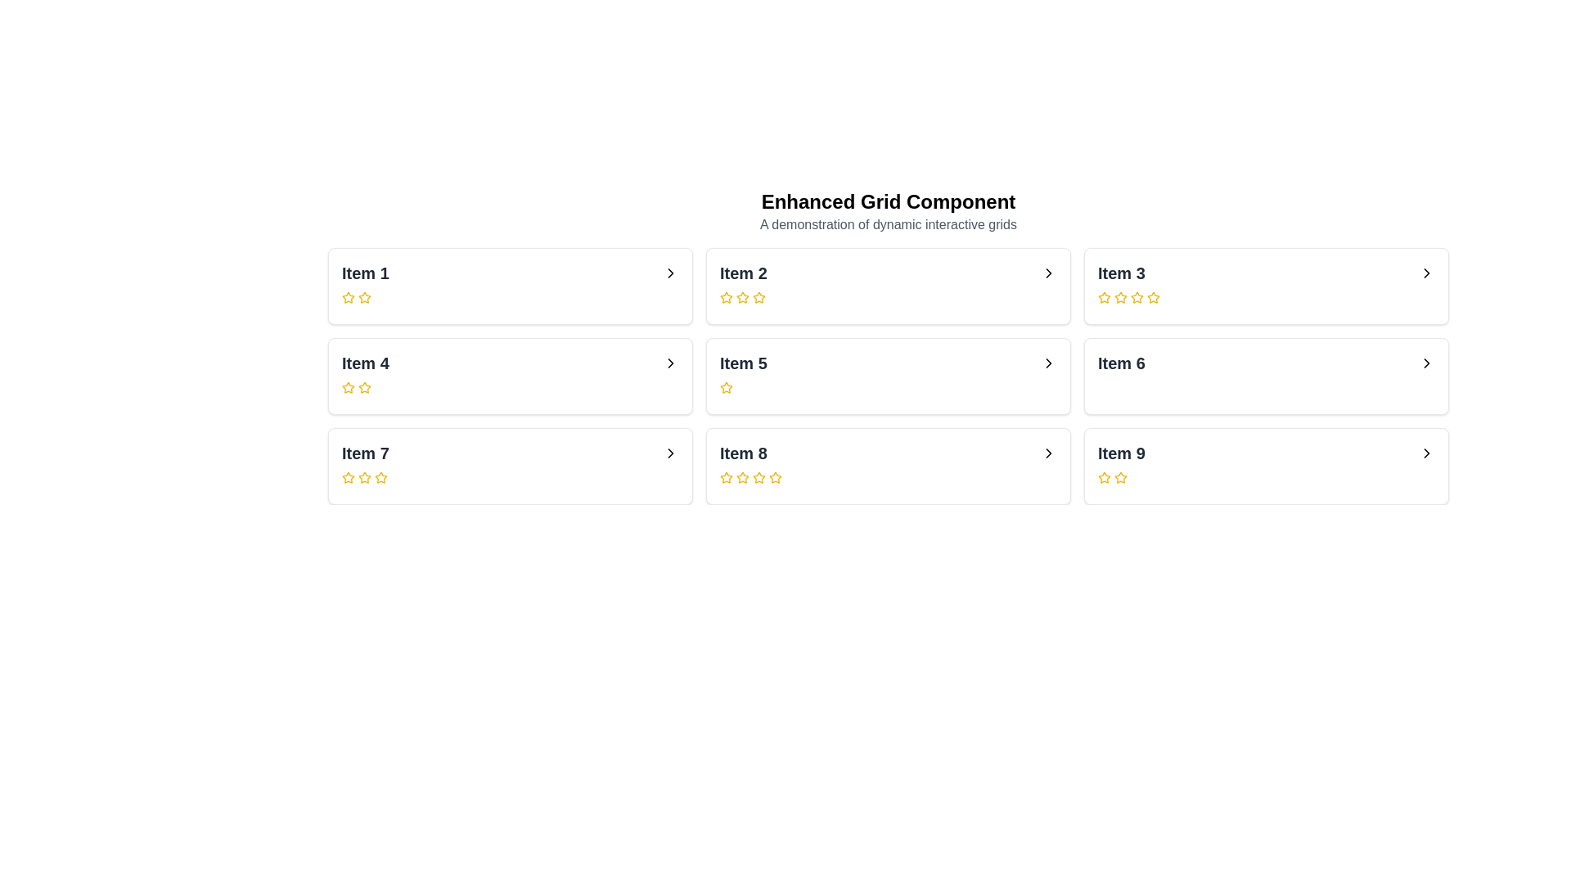  I want to click on the first star icon under 'Item 9' to rate it, so click(1104, 477).